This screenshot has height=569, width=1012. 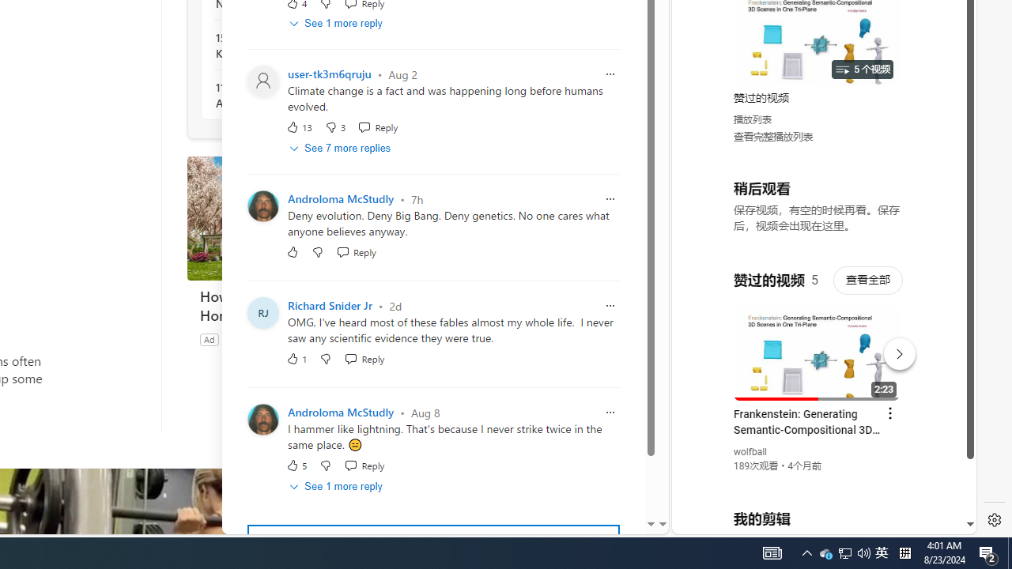 I want to click on '5 Like', so click(x=296, y=465).